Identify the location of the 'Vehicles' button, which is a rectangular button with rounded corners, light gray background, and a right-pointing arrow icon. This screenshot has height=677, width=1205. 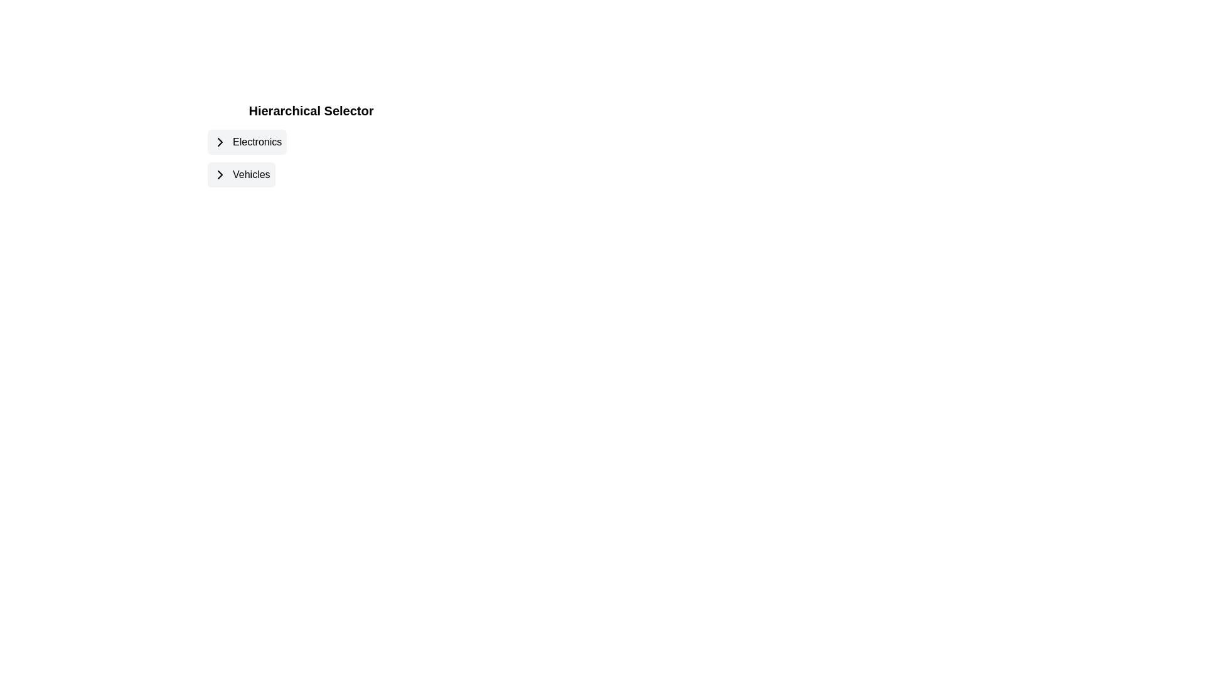
(241, 174).